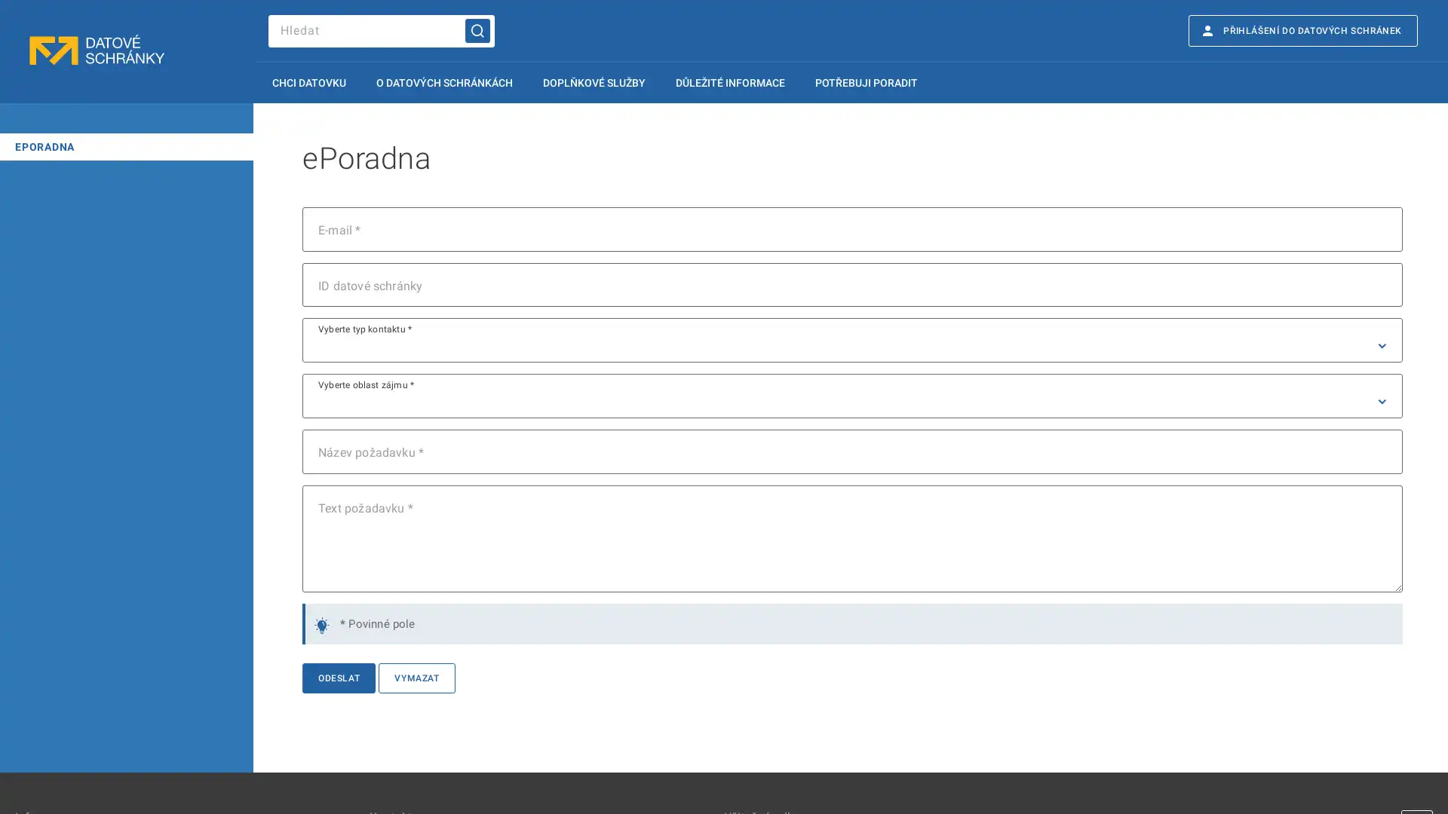  I want to click on Hledat, so click(477, 31).